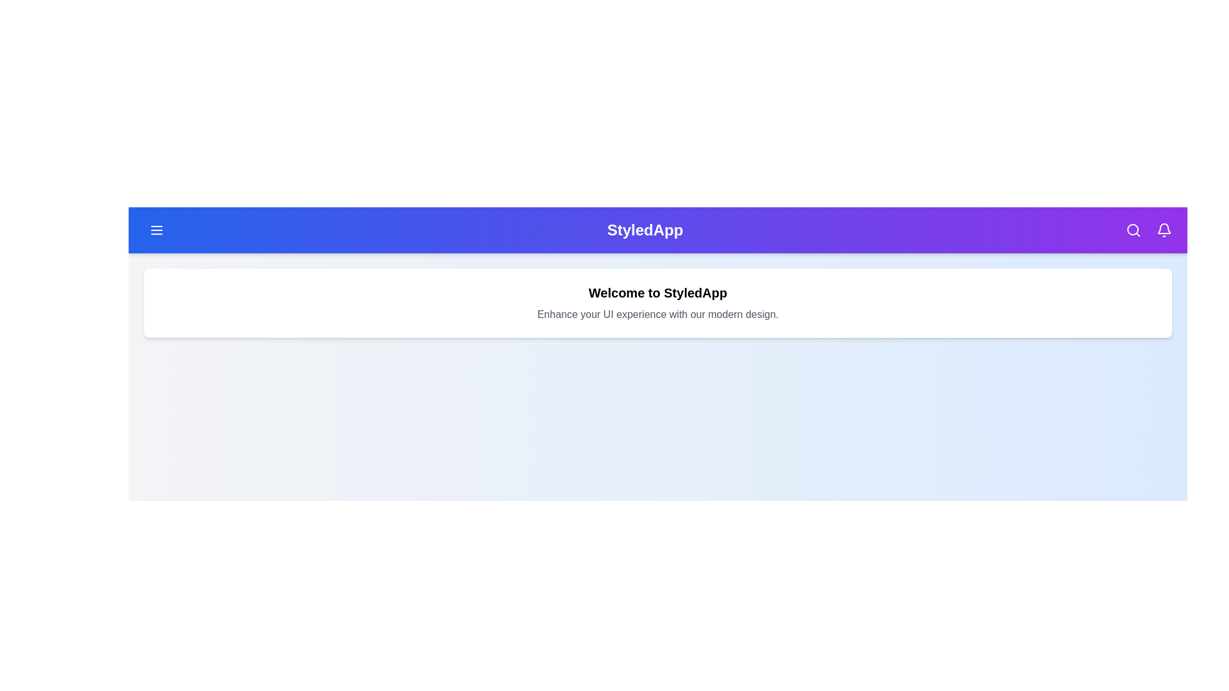  I want to click on the bell icon located on the right of the app bar, so click(1164, 229).